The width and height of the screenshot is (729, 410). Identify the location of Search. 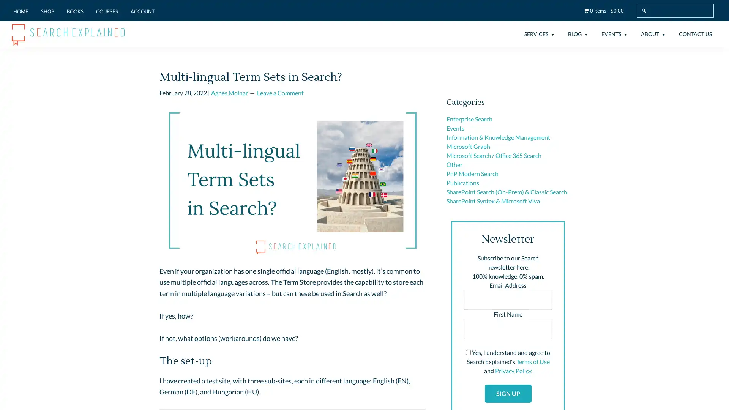
(715, 3).